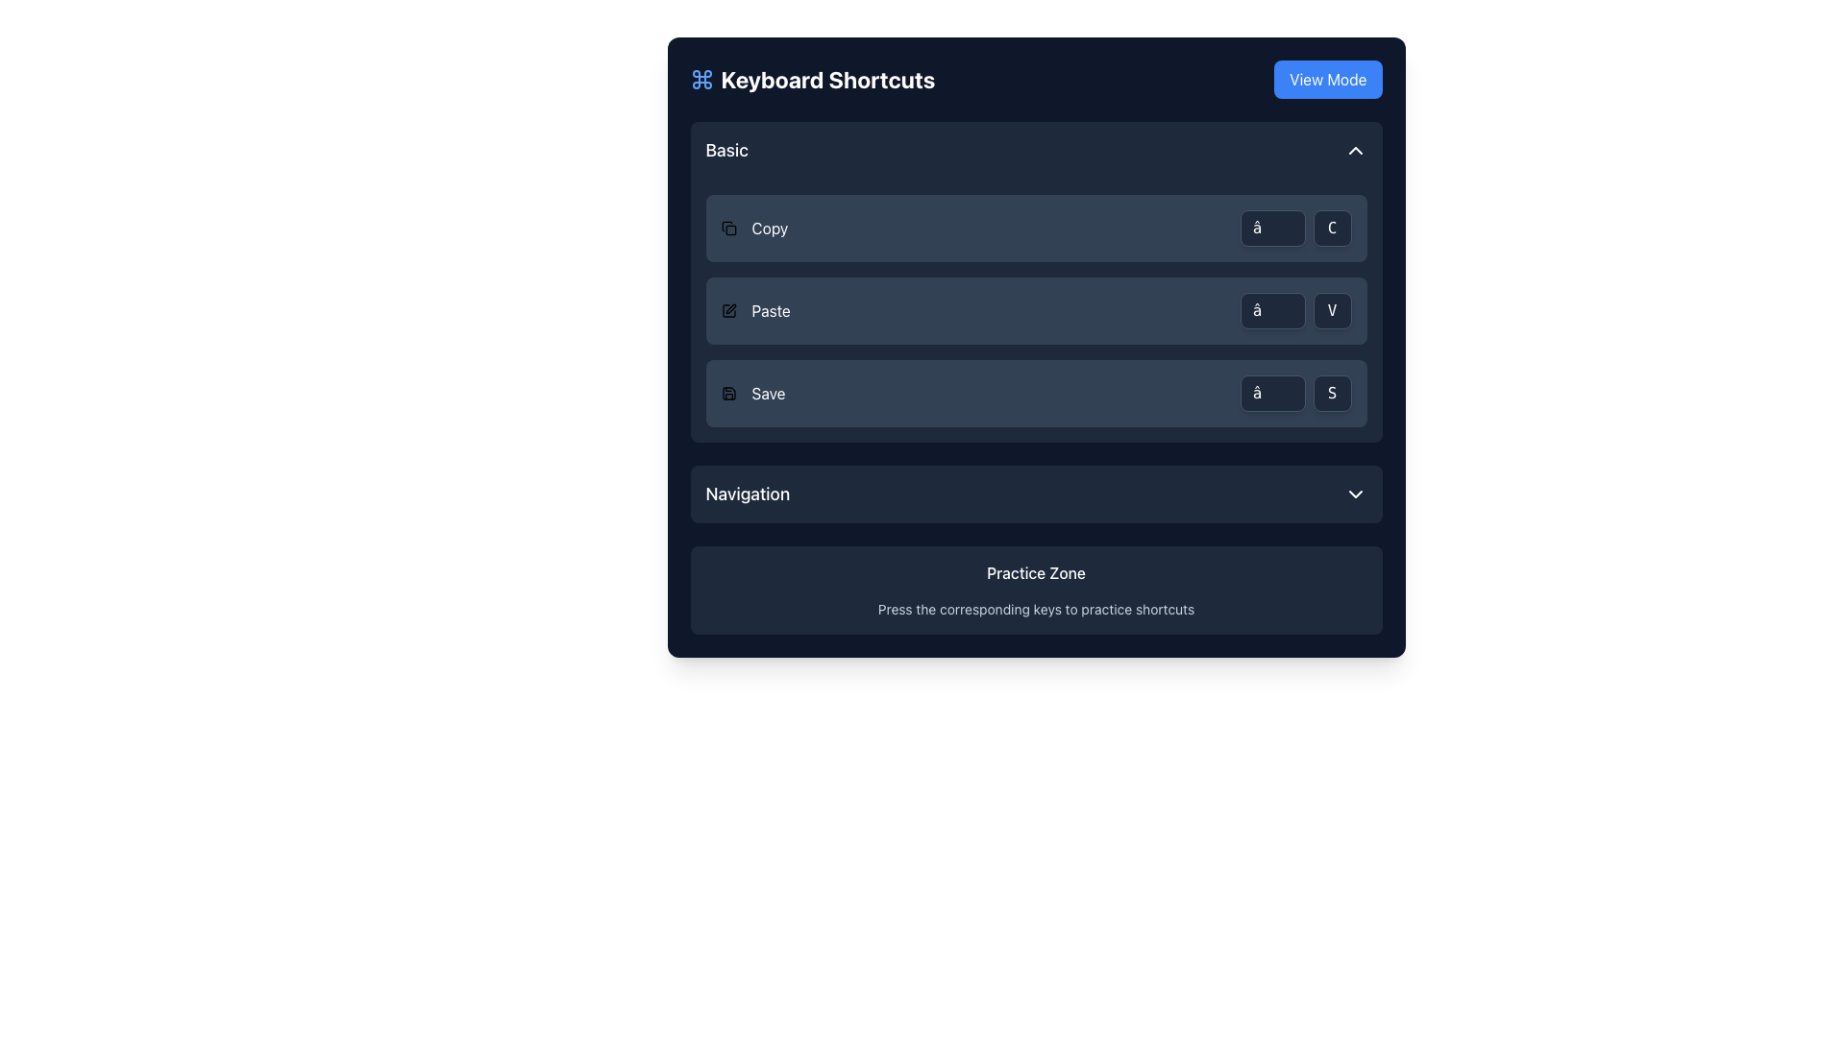  What do you see at coordinates (1354, 150) in the screenshot?
I see `the small, downward-facing chevron icon located adjacent to the text label 'Basic'` at bounding box center [1354, 150].